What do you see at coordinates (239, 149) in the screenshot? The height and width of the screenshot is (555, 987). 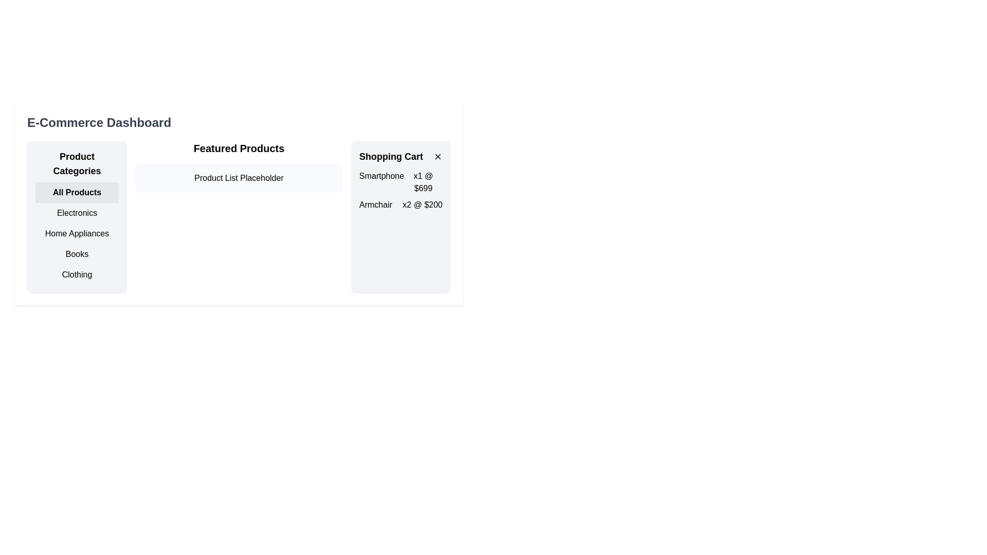 I see `the 'Featured Products' heading text label, which indicates the primary content of this section and is located above the 'Product List Placeholder'` at bounding box center [239, 149].